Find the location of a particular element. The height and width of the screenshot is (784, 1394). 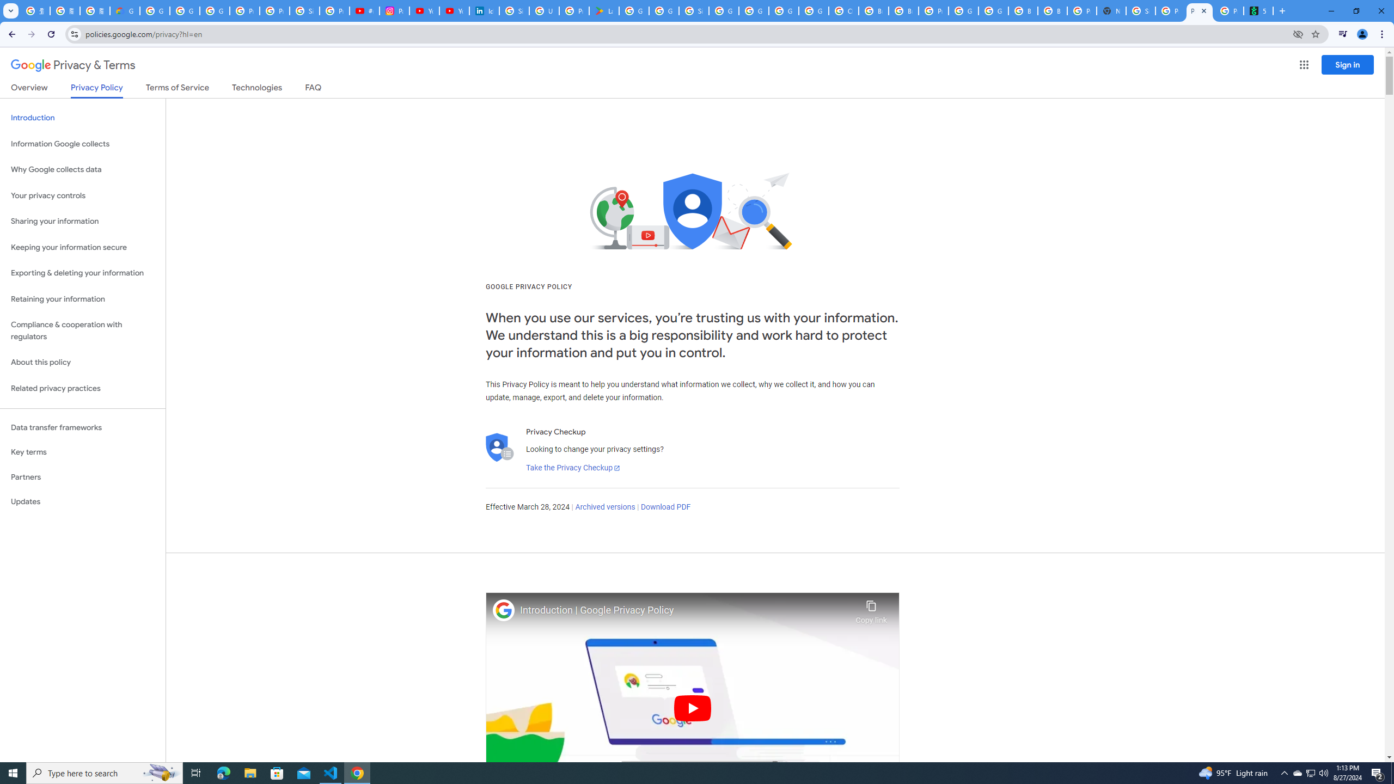

'New Tab' is located at coordinates (1110, 10).